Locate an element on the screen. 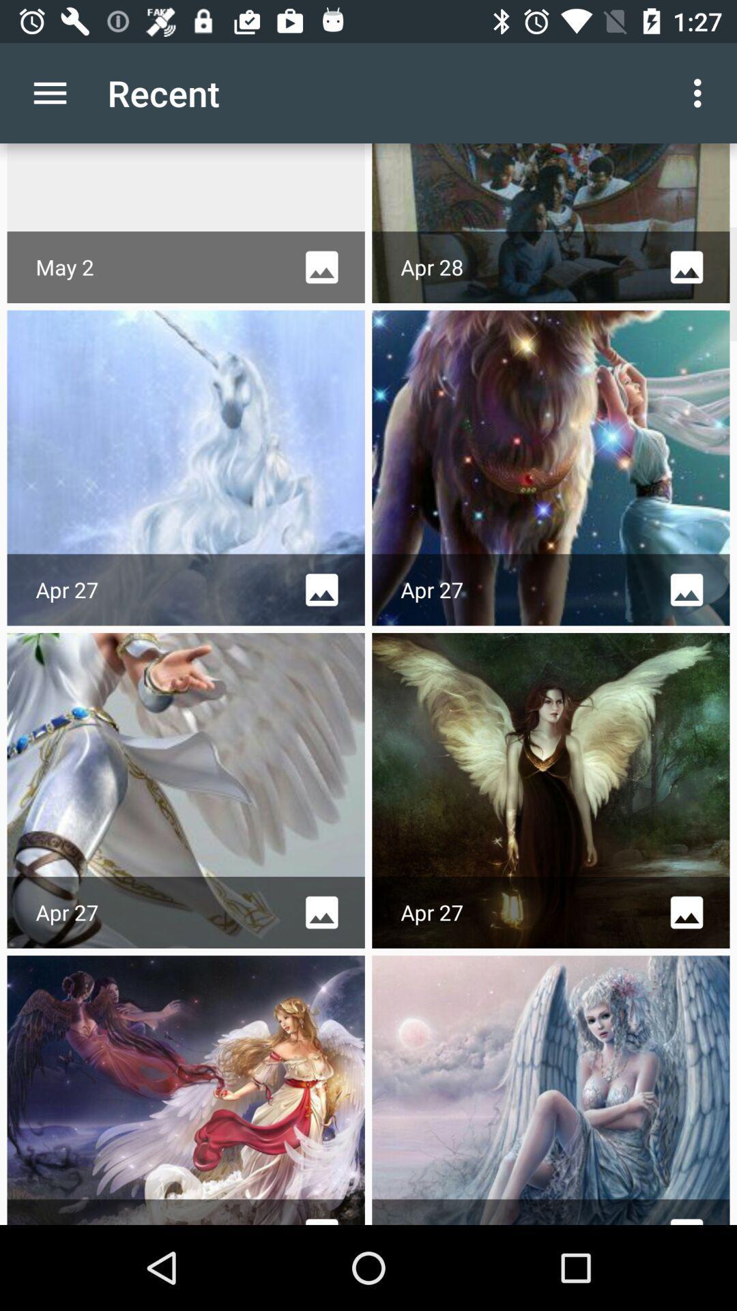  the icon next to the recent app is located at coordinates (49, 92).